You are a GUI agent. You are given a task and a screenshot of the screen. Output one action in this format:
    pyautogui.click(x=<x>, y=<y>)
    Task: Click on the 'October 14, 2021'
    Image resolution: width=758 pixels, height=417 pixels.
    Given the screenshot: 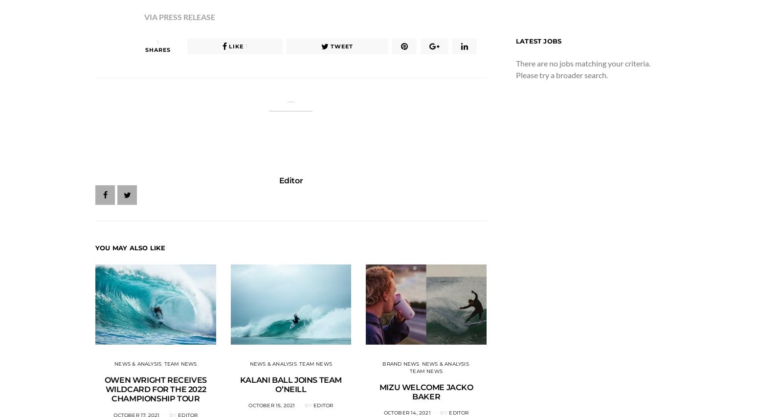 What is the action you would take?
    pyautogui.click(x=406, y=413)
    